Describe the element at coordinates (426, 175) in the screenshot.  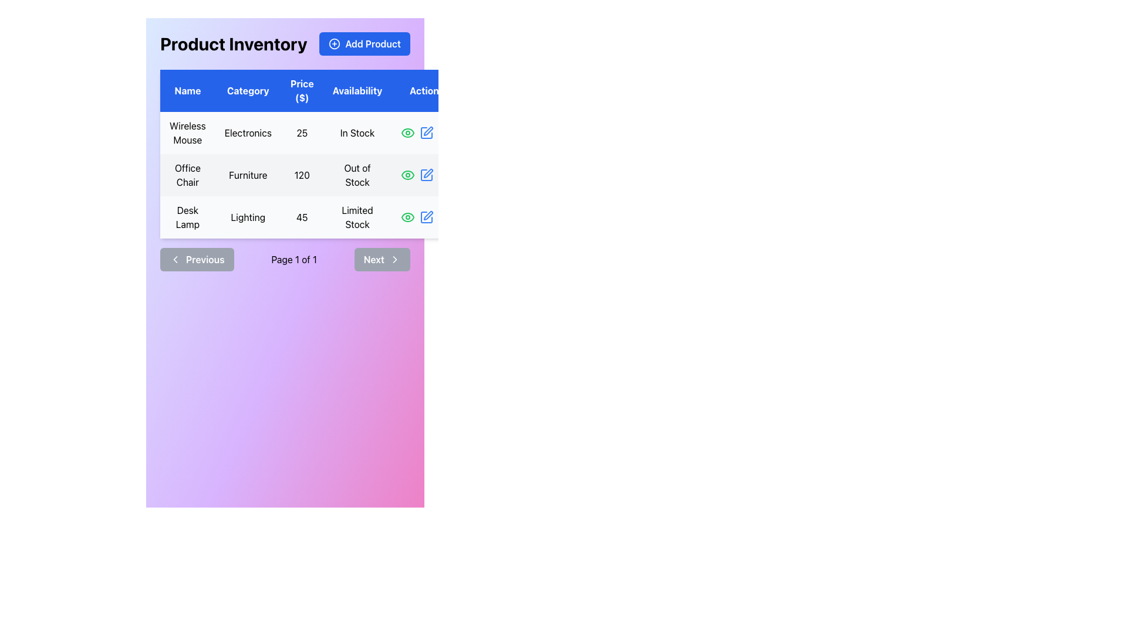
I see `the edit icon button in the second row of the 'Actions' column to modify the 'Office Chair' details` at that location.